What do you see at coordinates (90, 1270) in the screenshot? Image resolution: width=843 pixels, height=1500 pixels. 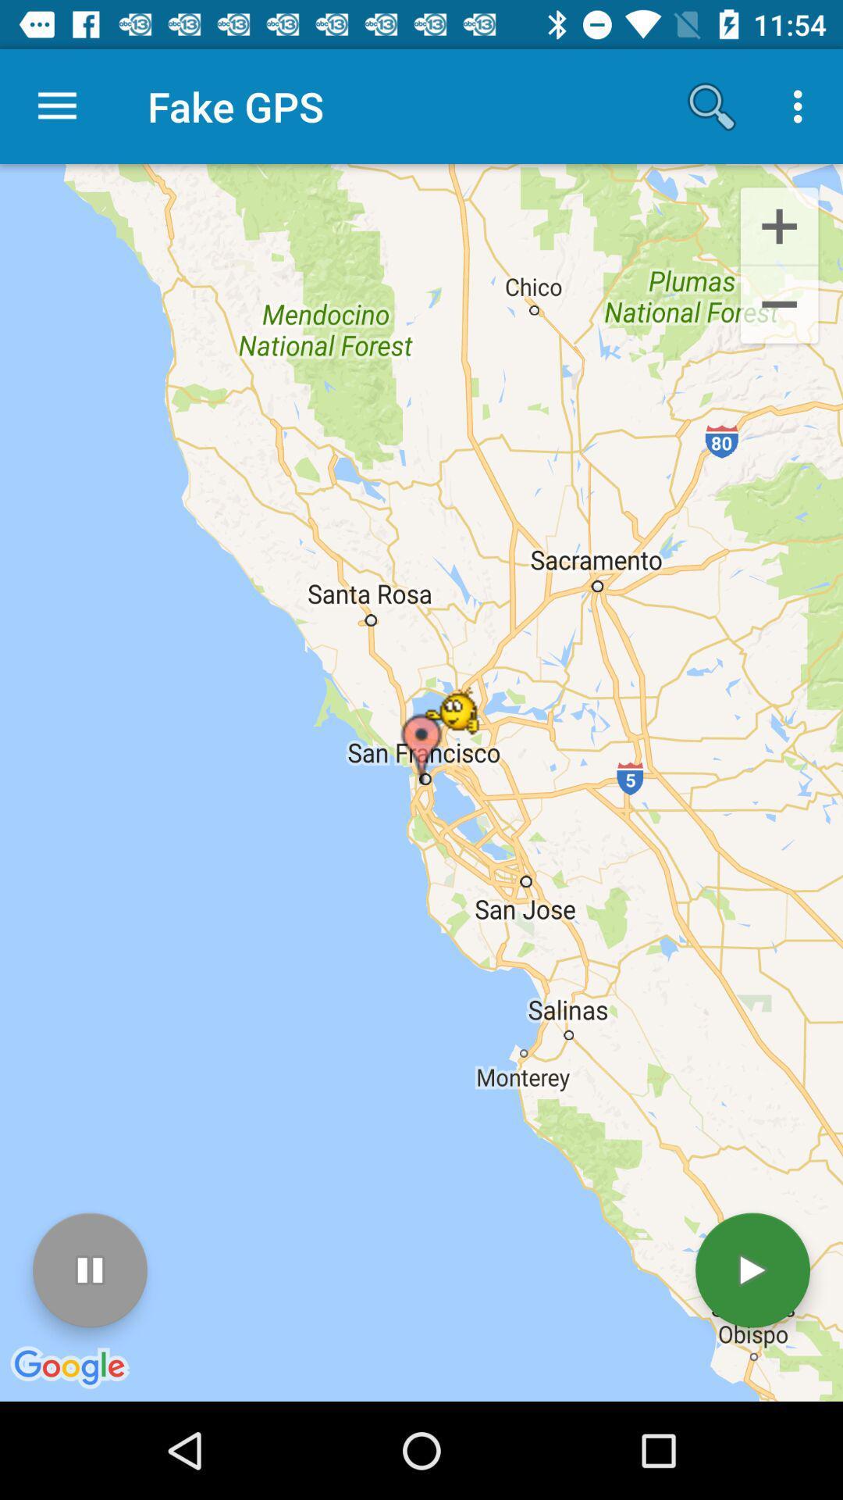 I see `the pause icon` at bounding box center [90, 1270].